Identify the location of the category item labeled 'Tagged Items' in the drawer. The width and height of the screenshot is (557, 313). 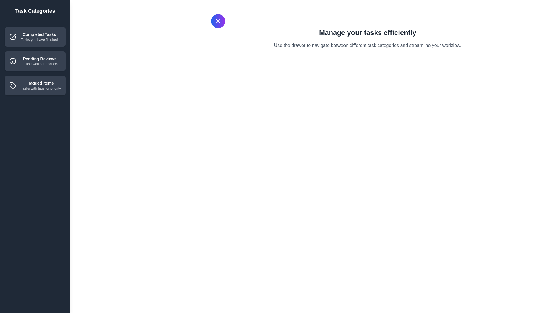
(35, 85).